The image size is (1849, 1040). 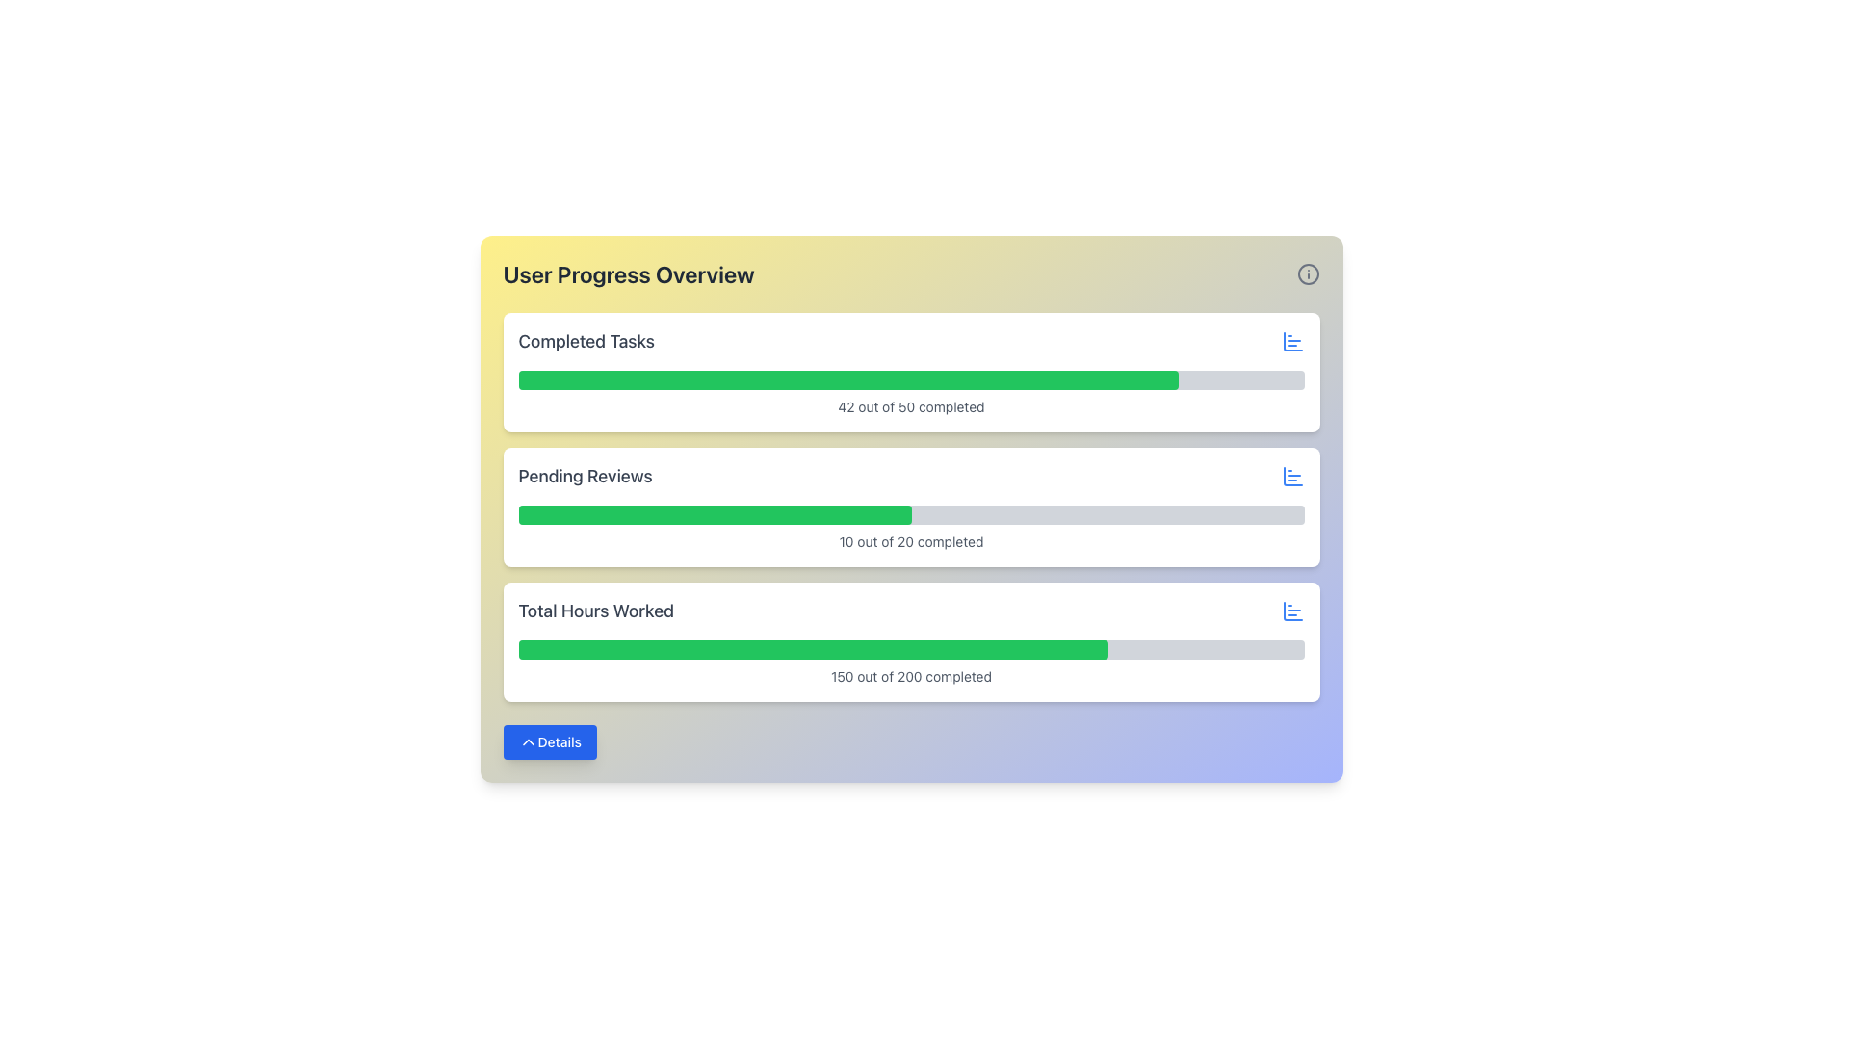 What do you see at coordinates (910, 406) in the screenshot?
I see `the text label displaying '42 out of 50 completed', which is styled in small gray font and located beneath a green progress bar within a white rounded rectangular card` at bounding box center [910, 406].